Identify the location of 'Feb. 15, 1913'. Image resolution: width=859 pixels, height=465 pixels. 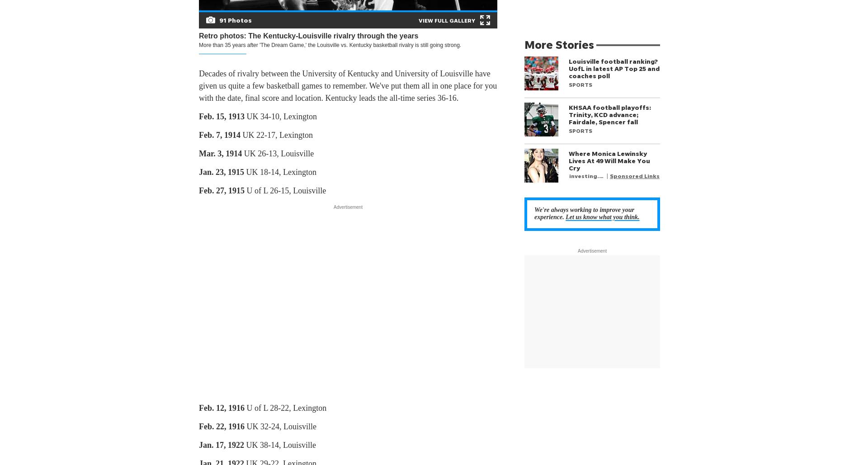
(222, 116).